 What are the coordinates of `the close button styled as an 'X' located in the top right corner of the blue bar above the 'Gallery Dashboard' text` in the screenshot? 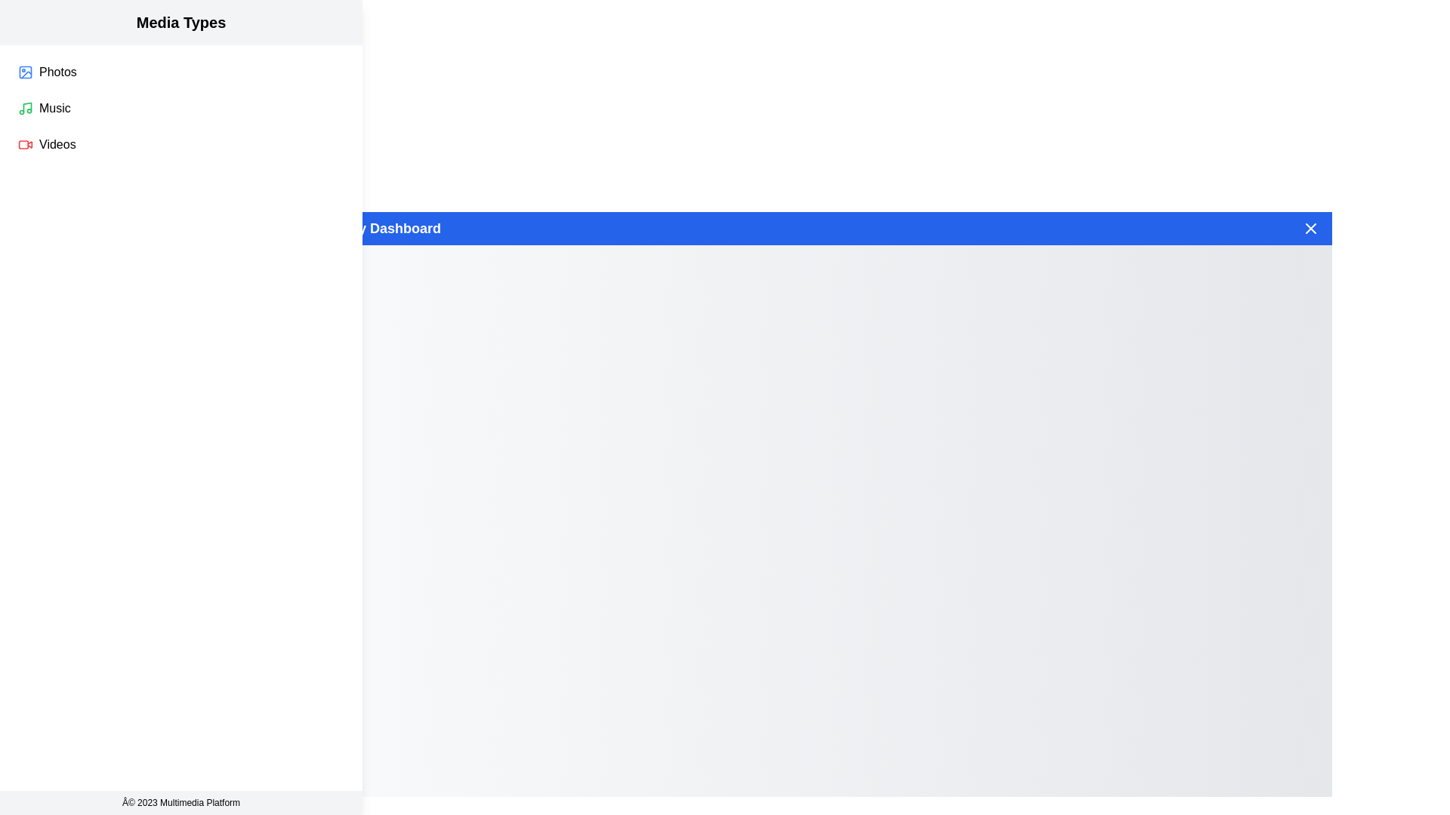 It's located at (1310, 229).